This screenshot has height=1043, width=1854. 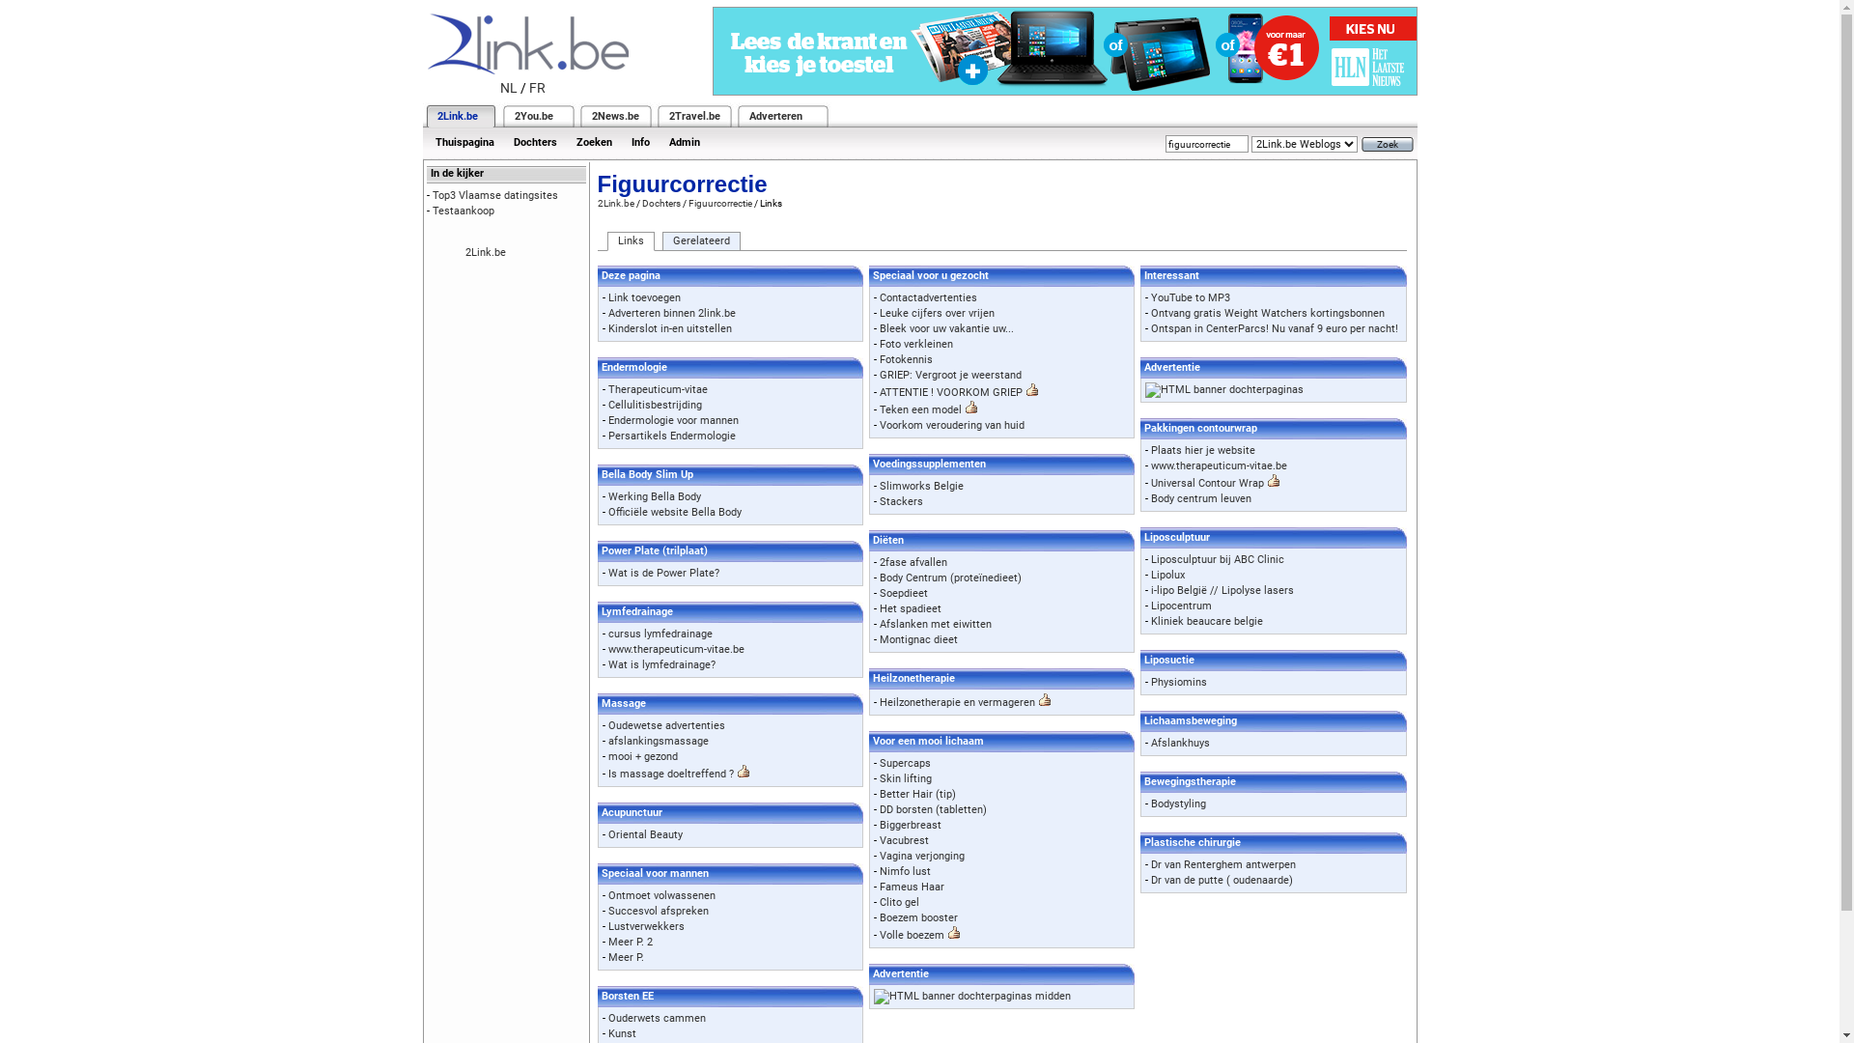 I want to click on 'Fotokennis', so click(x=905, y=359).